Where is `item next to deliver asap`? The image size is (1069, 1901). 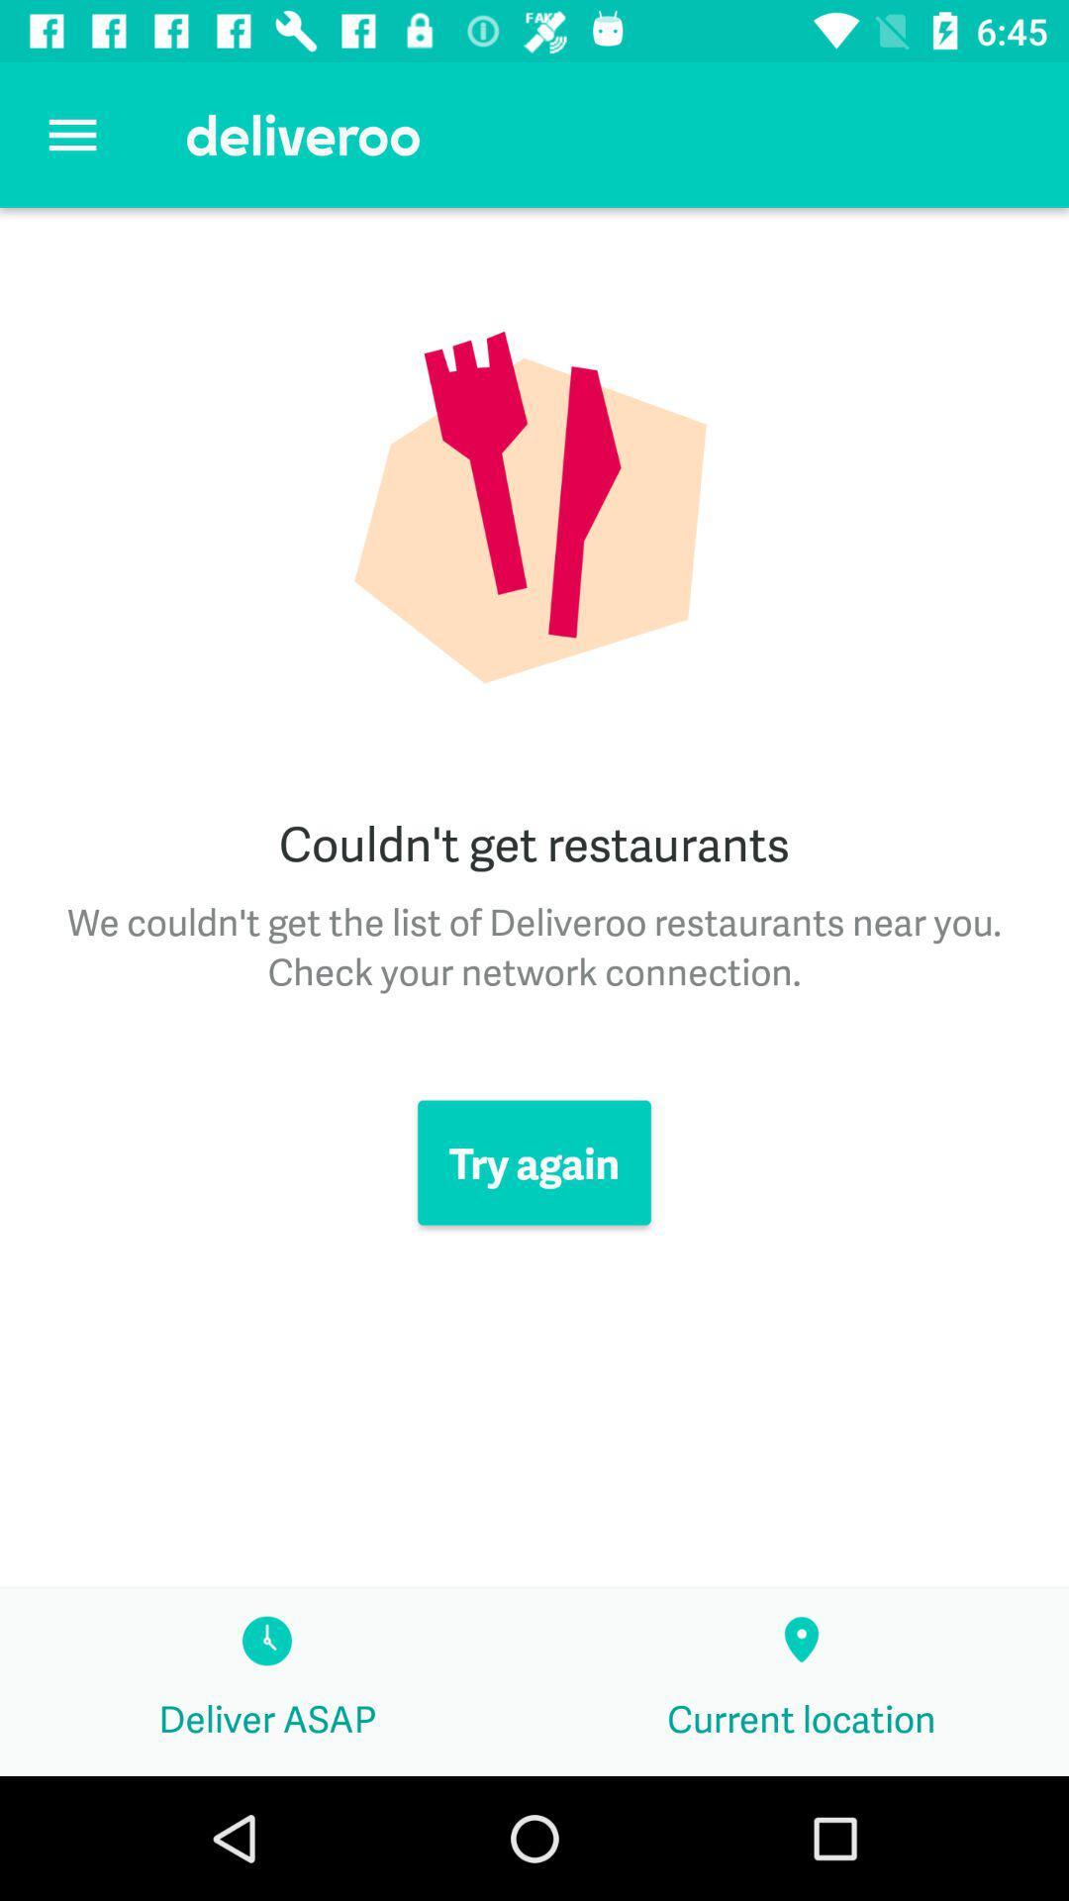
item next to deliver asap is located at coordinates (802, 1681).